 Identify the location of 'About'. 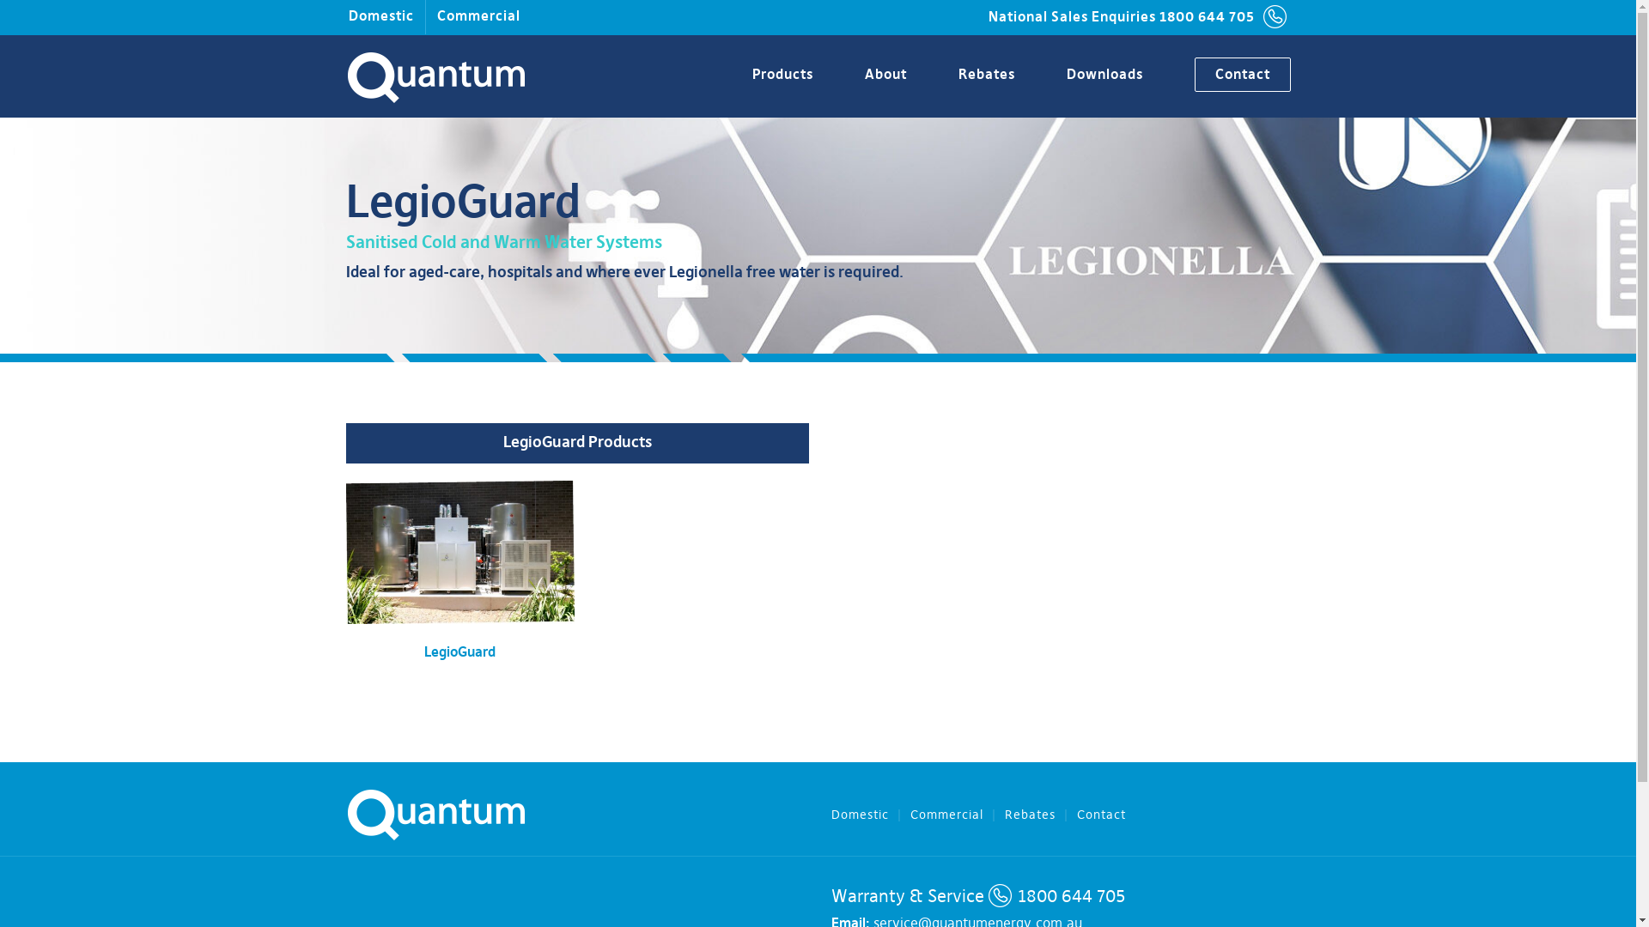
(870, 75).